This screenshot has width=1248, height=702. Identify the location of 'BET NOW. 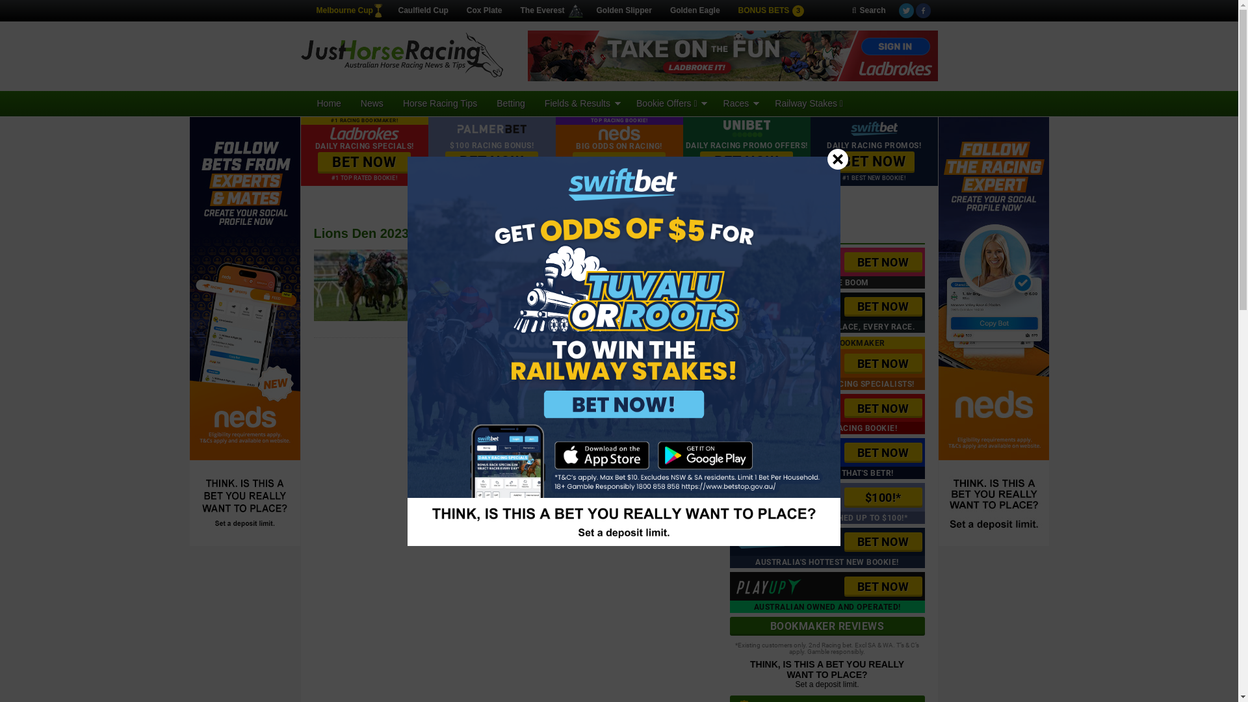
(826, 458).